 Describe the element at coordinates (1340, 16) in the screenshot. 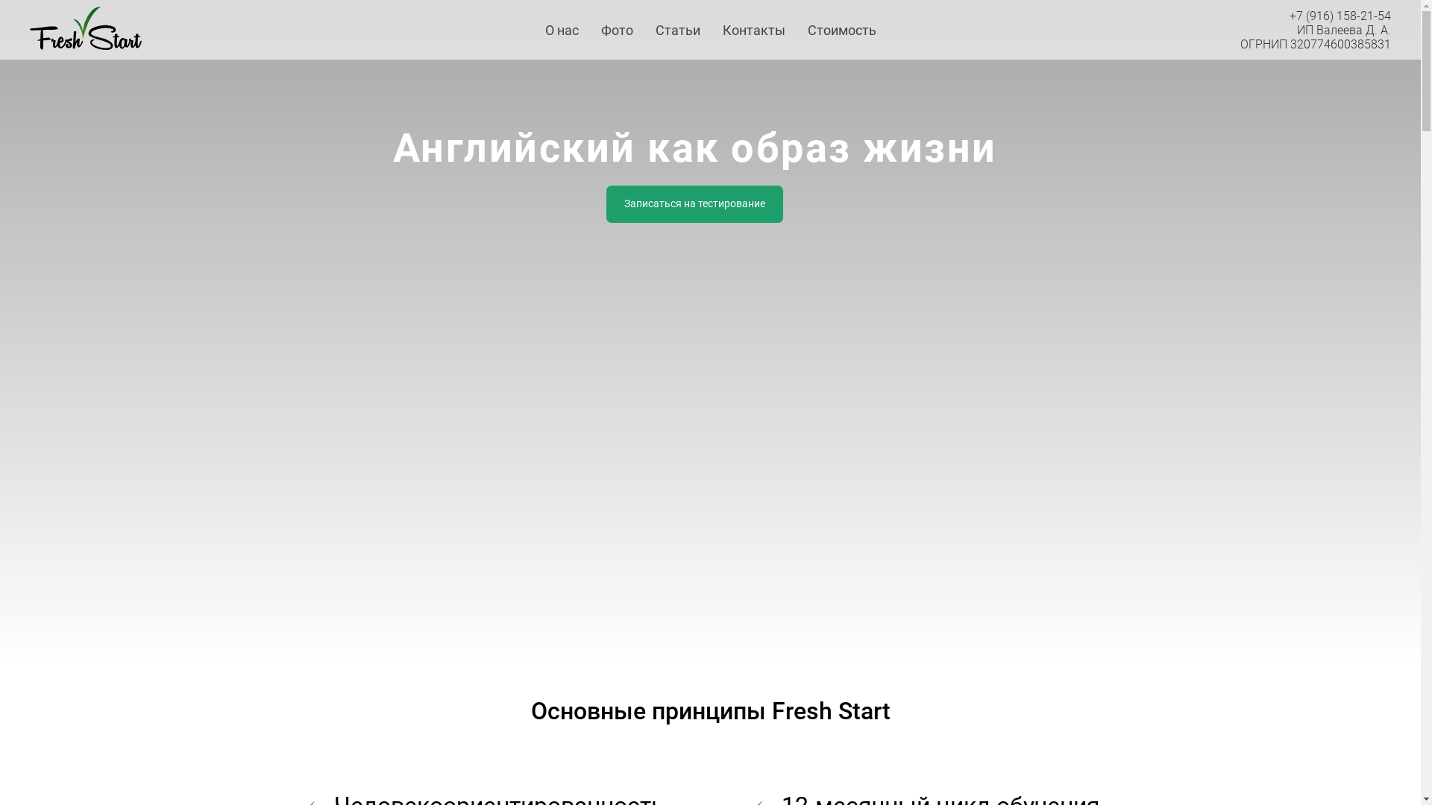

I see `'+7 (916) 158-21-54'` at that location.